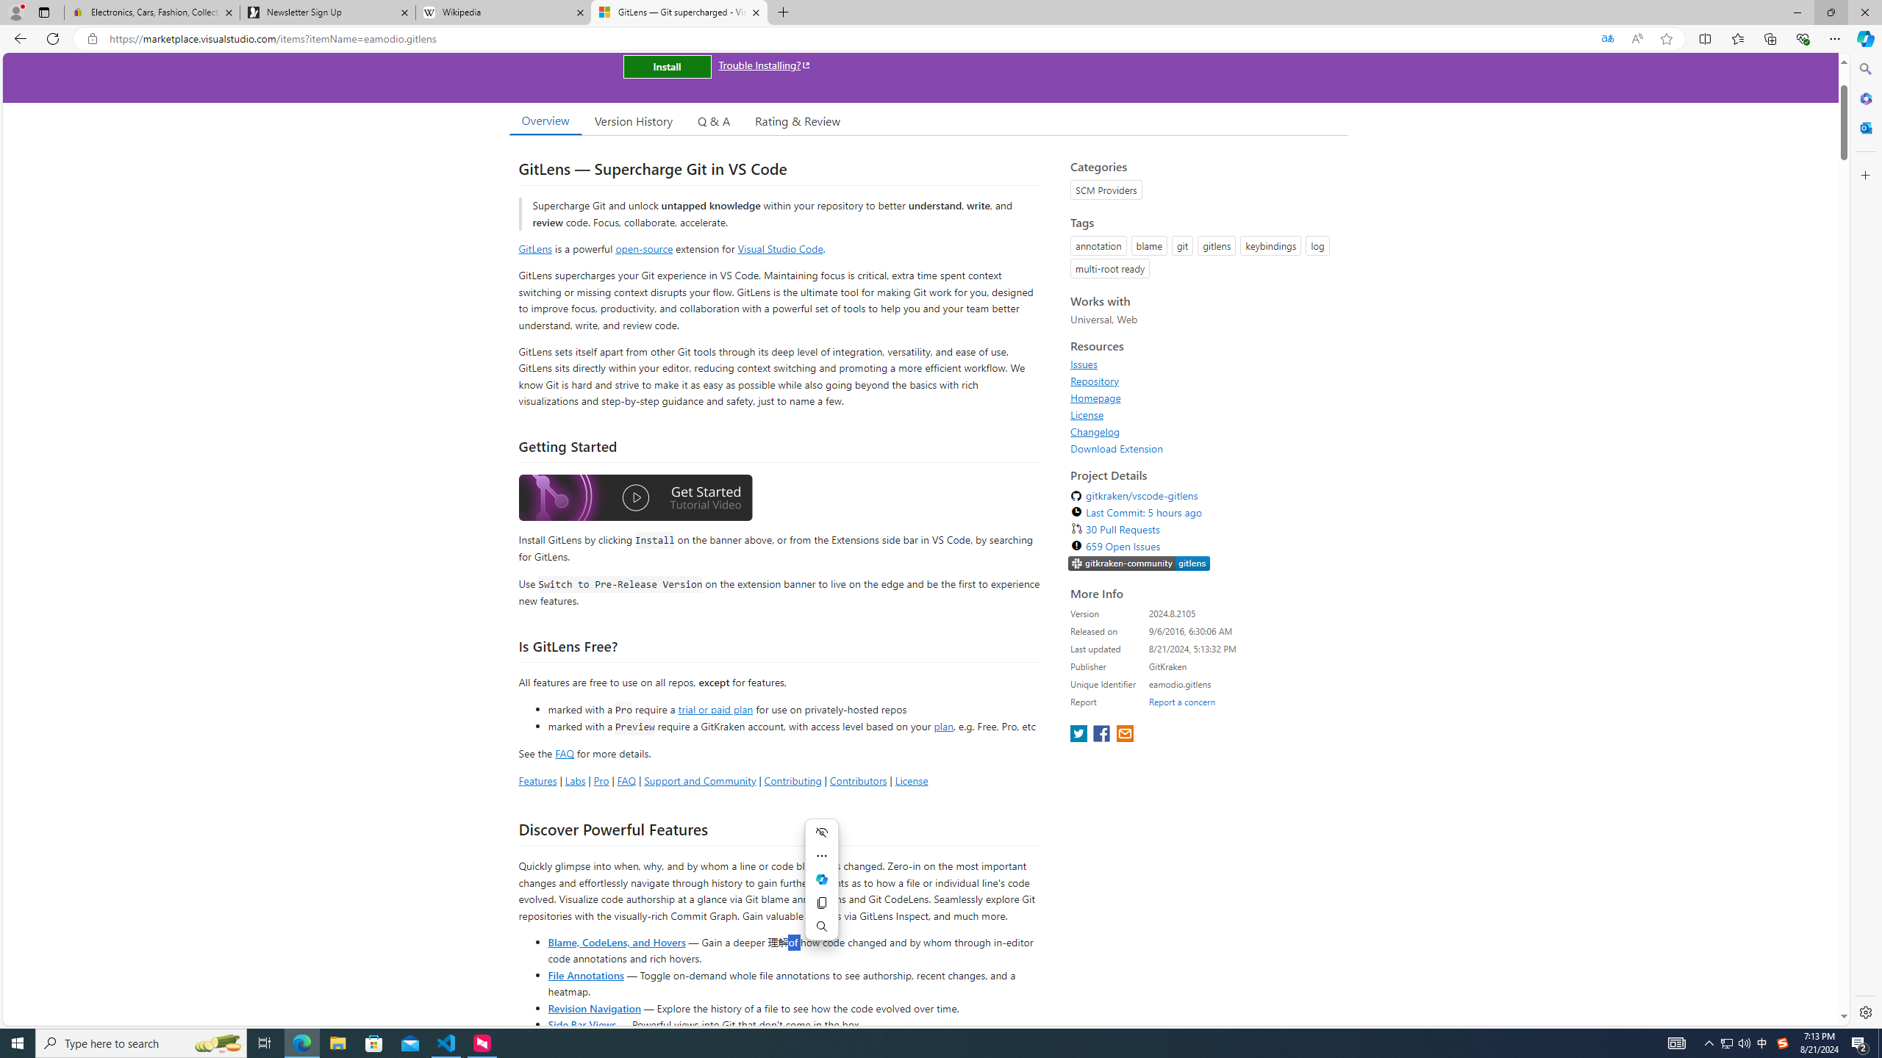  I want to click on 'Watch the GitLens Getting Started video', so click(635, 500).